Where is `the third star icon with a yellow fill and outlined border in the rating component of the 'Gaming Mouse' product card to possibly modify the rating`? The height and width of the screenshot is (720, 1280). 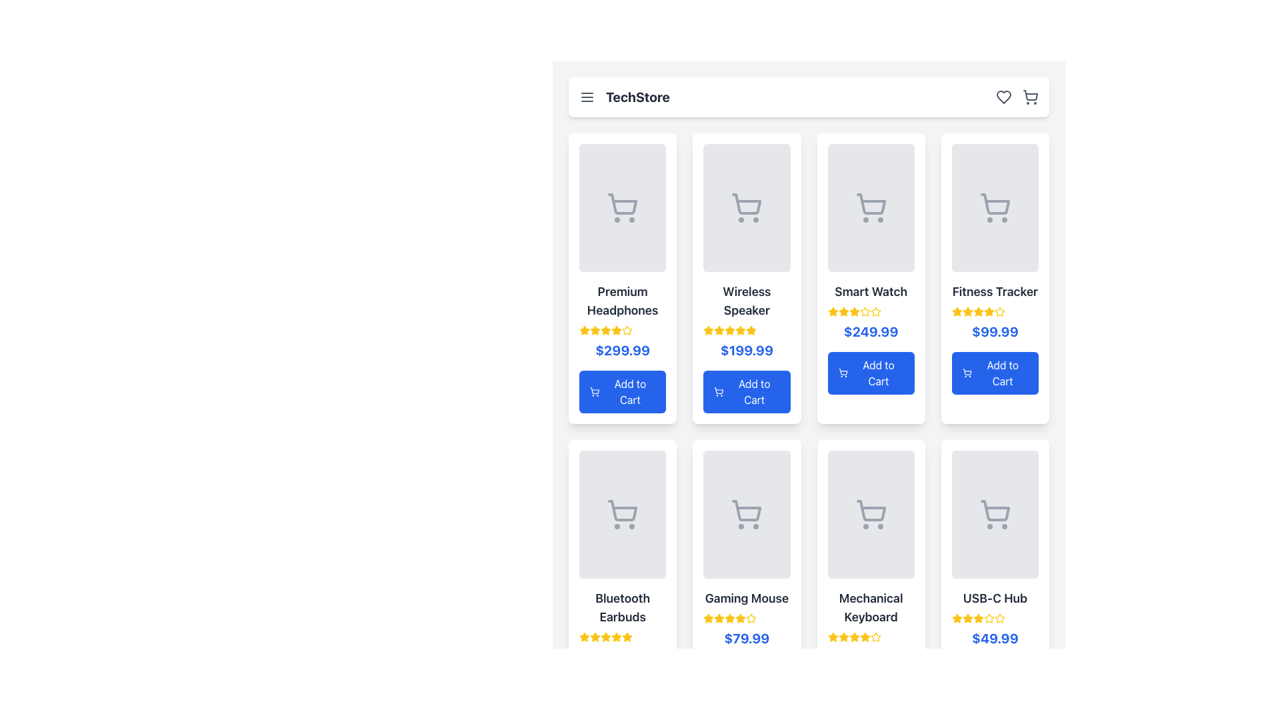 the third star icon with a yellow fill and outlined border in the rating component of the 'Gaming Mouse' product card to possibly modify the rating is located at coordinates (729, 618).